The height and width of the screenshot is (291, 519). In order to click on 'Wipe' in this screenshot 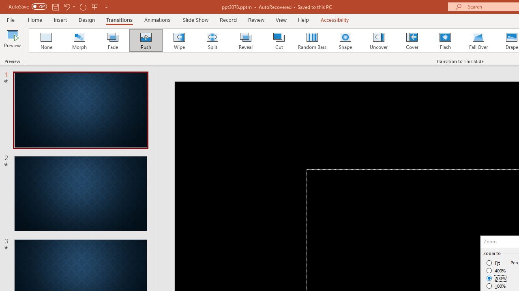, I will do `click(178, 40)`.